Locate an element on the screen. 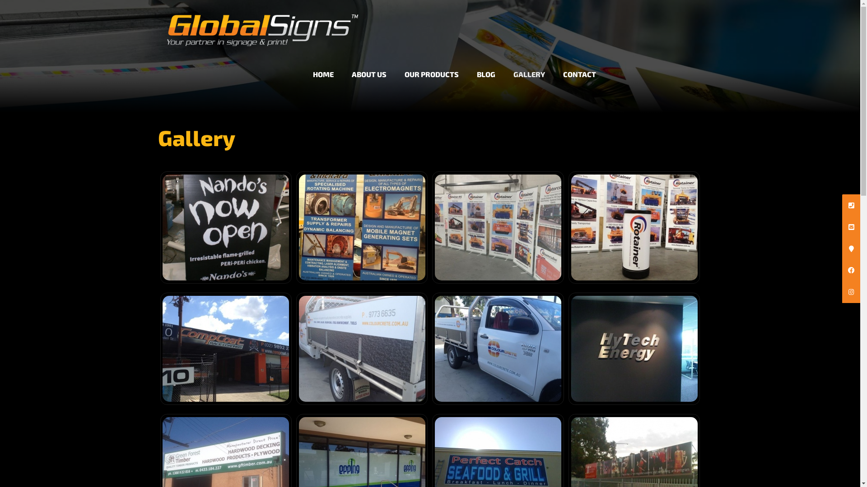  'BLOG' is located at coordinates (485, 66).